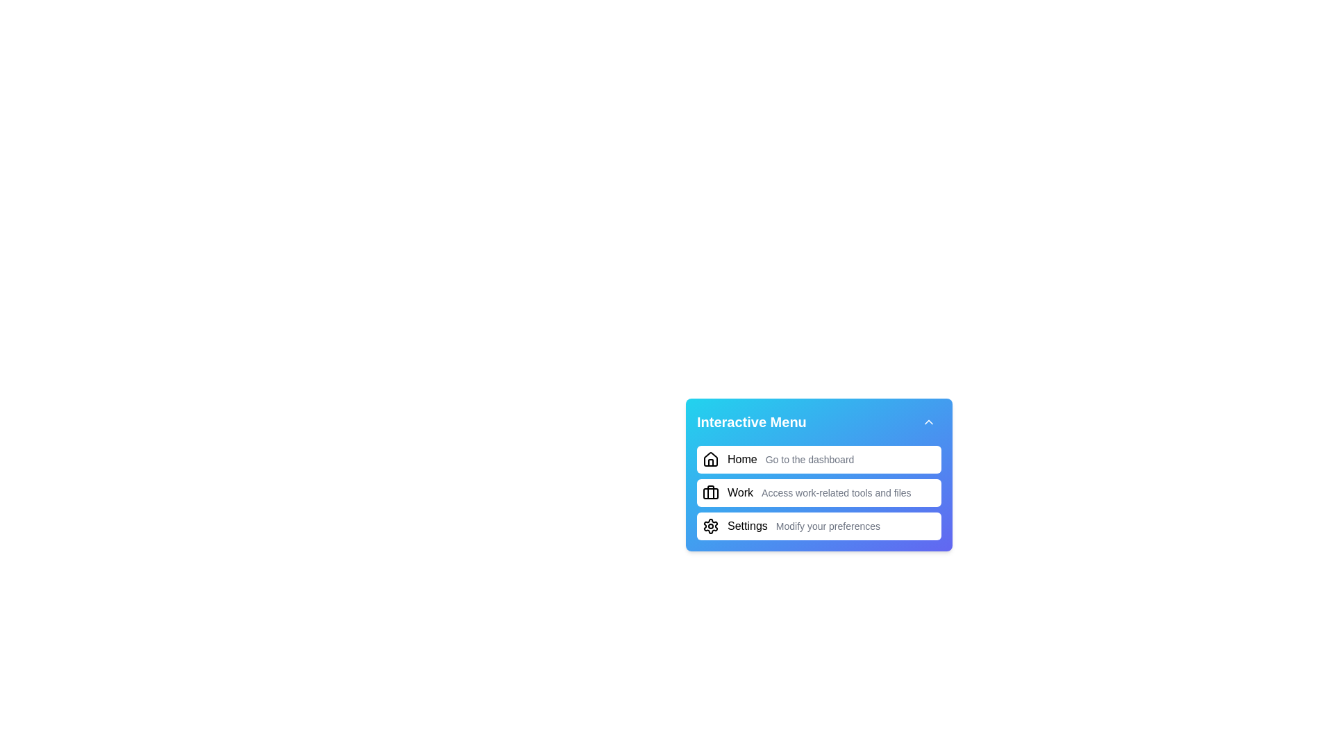 Image resolution: width=1333 pixels, height=750 pixels. I want to click on the 'Settings' icon in the menu, so click(710, 526).